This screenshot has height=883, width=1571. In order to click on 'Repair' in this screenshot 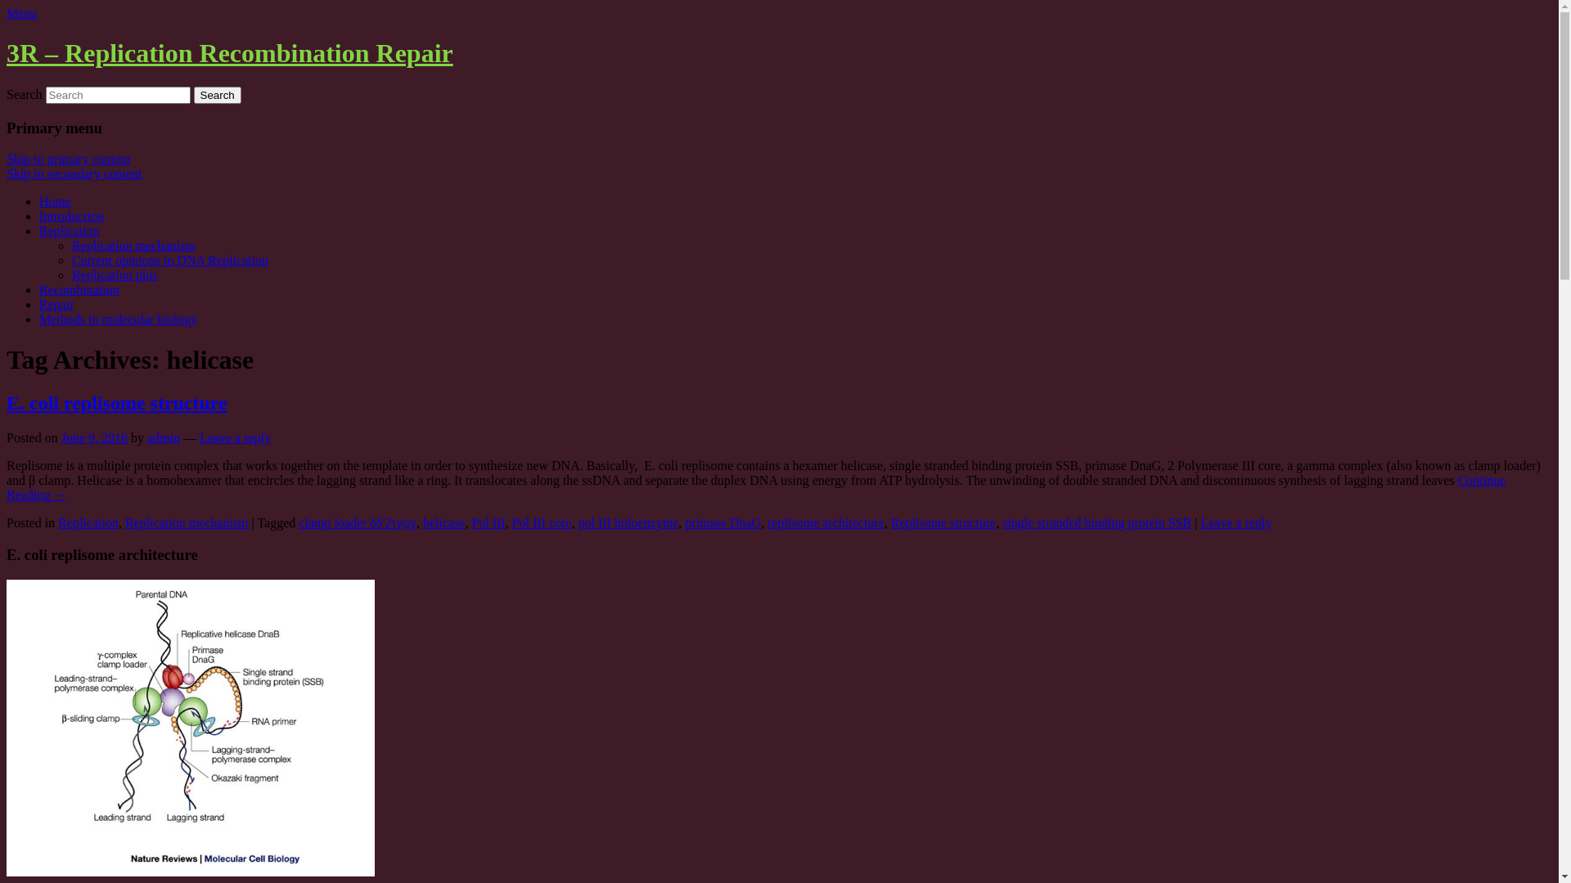, I will do `click(56, 304)`.